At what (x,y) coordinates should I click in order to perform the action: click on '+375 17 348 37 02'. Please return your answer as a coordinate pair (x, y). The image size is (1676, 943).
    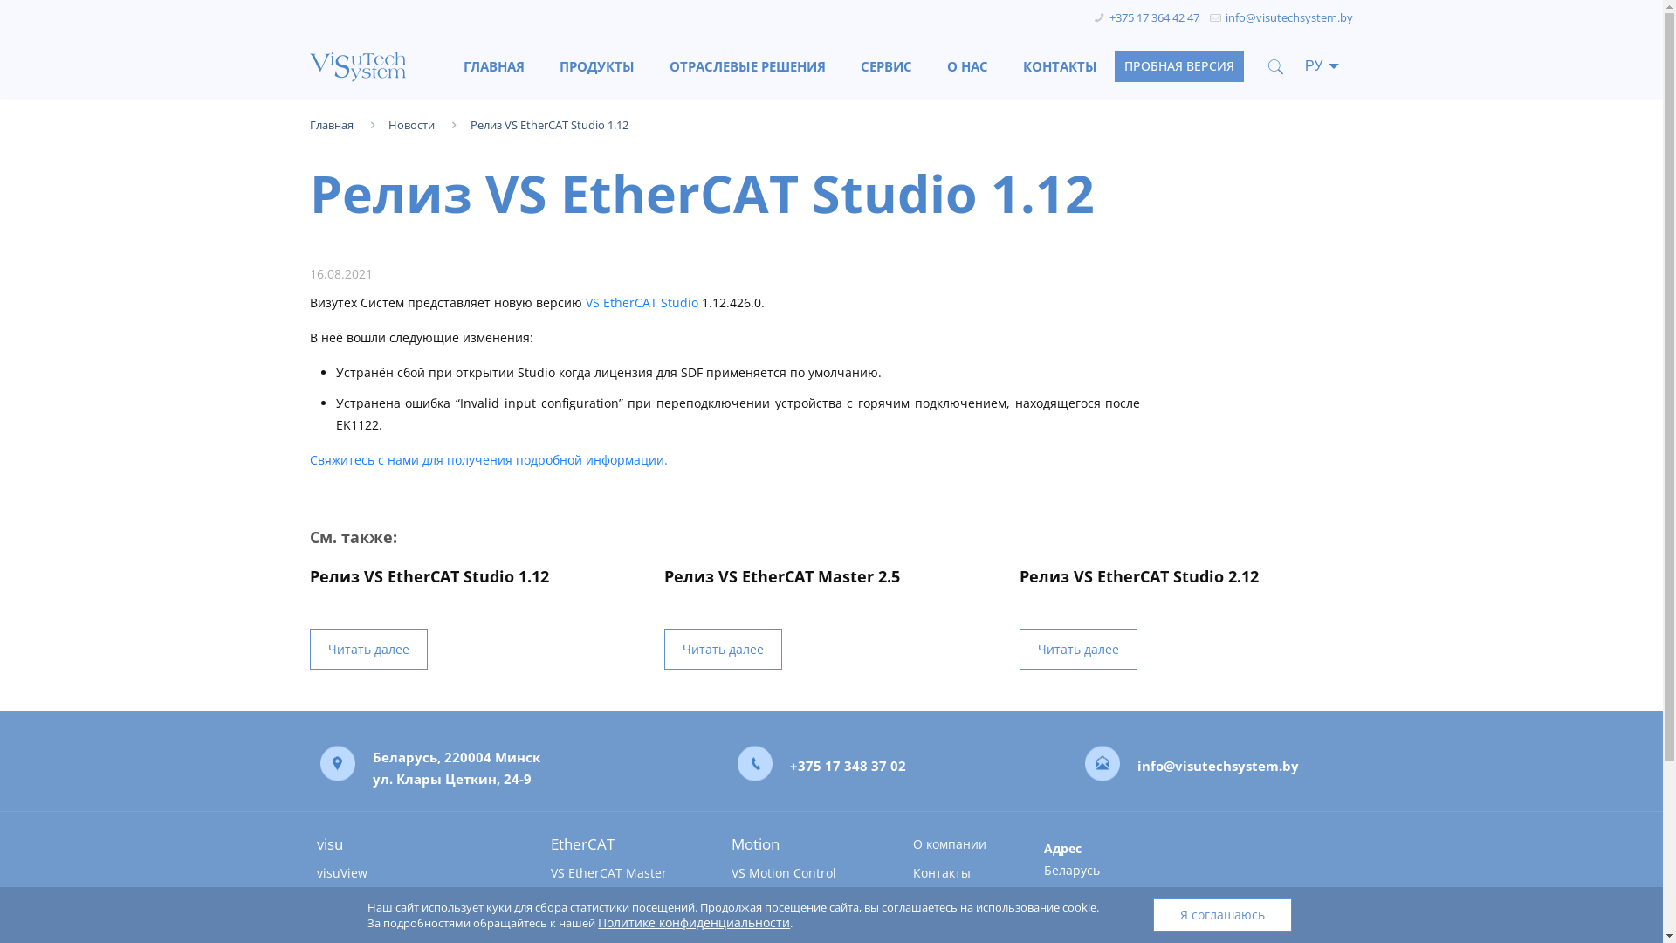
    Looking at the image, I should click on (848, 763).